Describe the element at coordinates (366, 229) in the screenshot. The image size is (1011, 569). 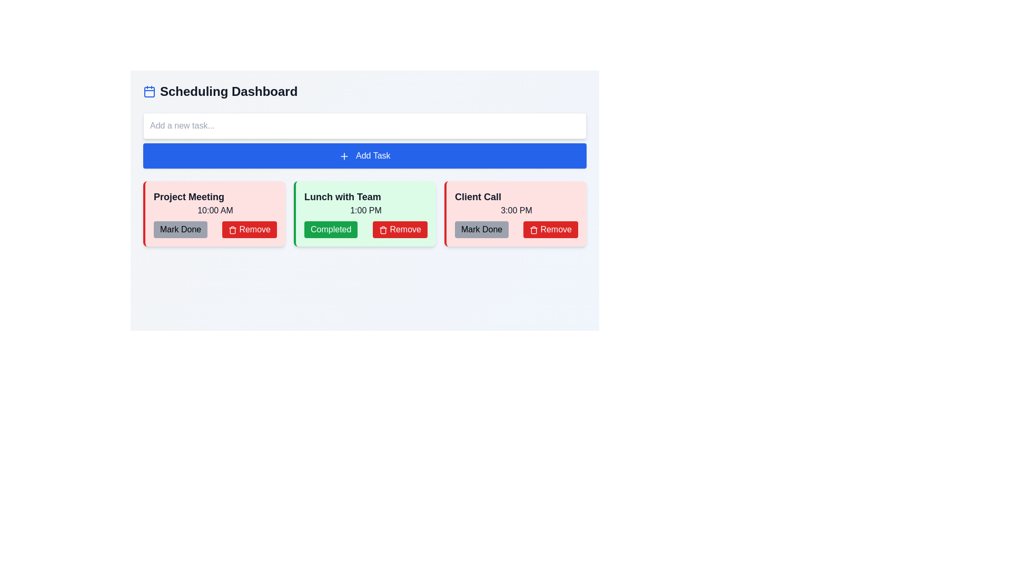
I see `the green 'Completed' button or the red 'Remove' button in the lower section of the 'Lunch with Team' task card` at that location.